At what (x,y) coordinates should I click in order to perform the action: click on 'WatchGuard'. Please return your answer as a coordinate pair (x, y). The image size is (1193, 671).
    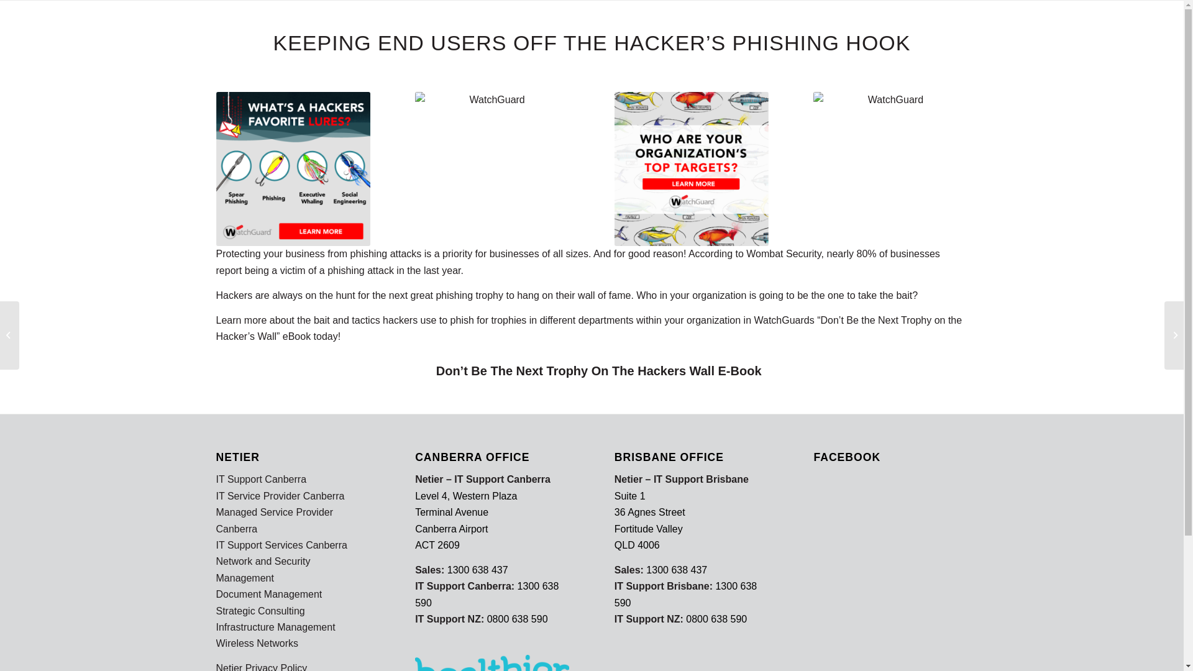
    Looking at the image, I should click on (491, 169).